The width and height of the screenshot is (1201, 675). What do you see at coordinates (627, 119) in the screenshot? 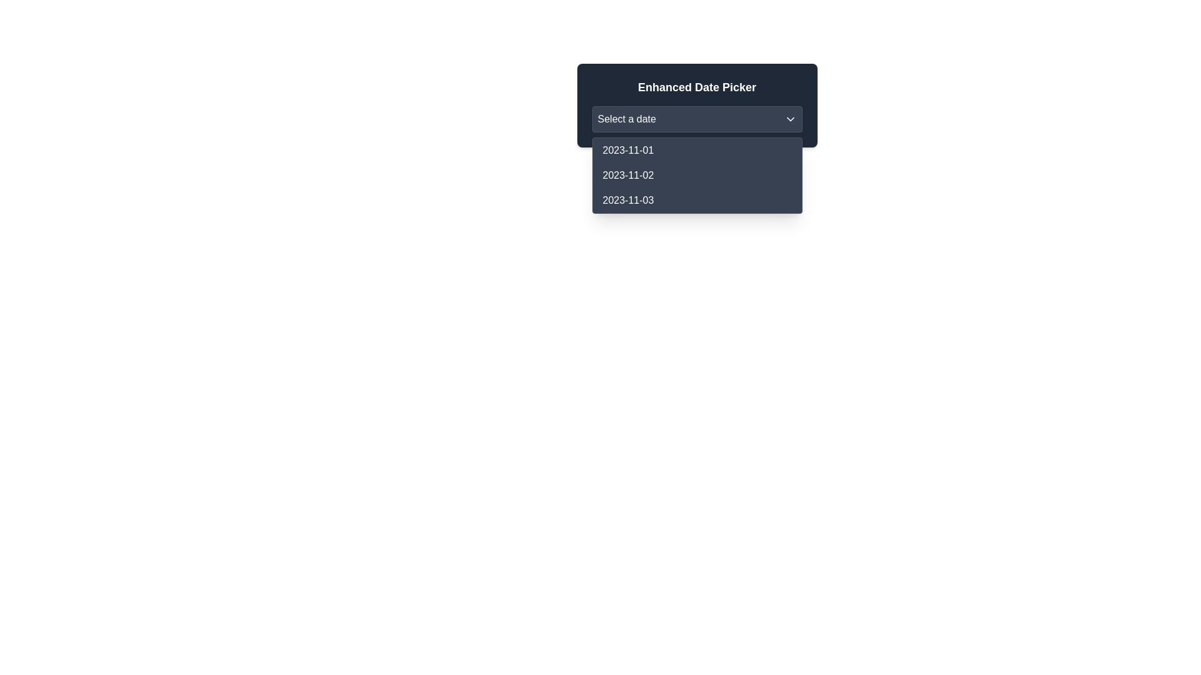
I see `the static text label reading 'Select a date' located inside the dropdown menu labeled 'Enhanced Date Picker'` at bounding box center [627, 119].